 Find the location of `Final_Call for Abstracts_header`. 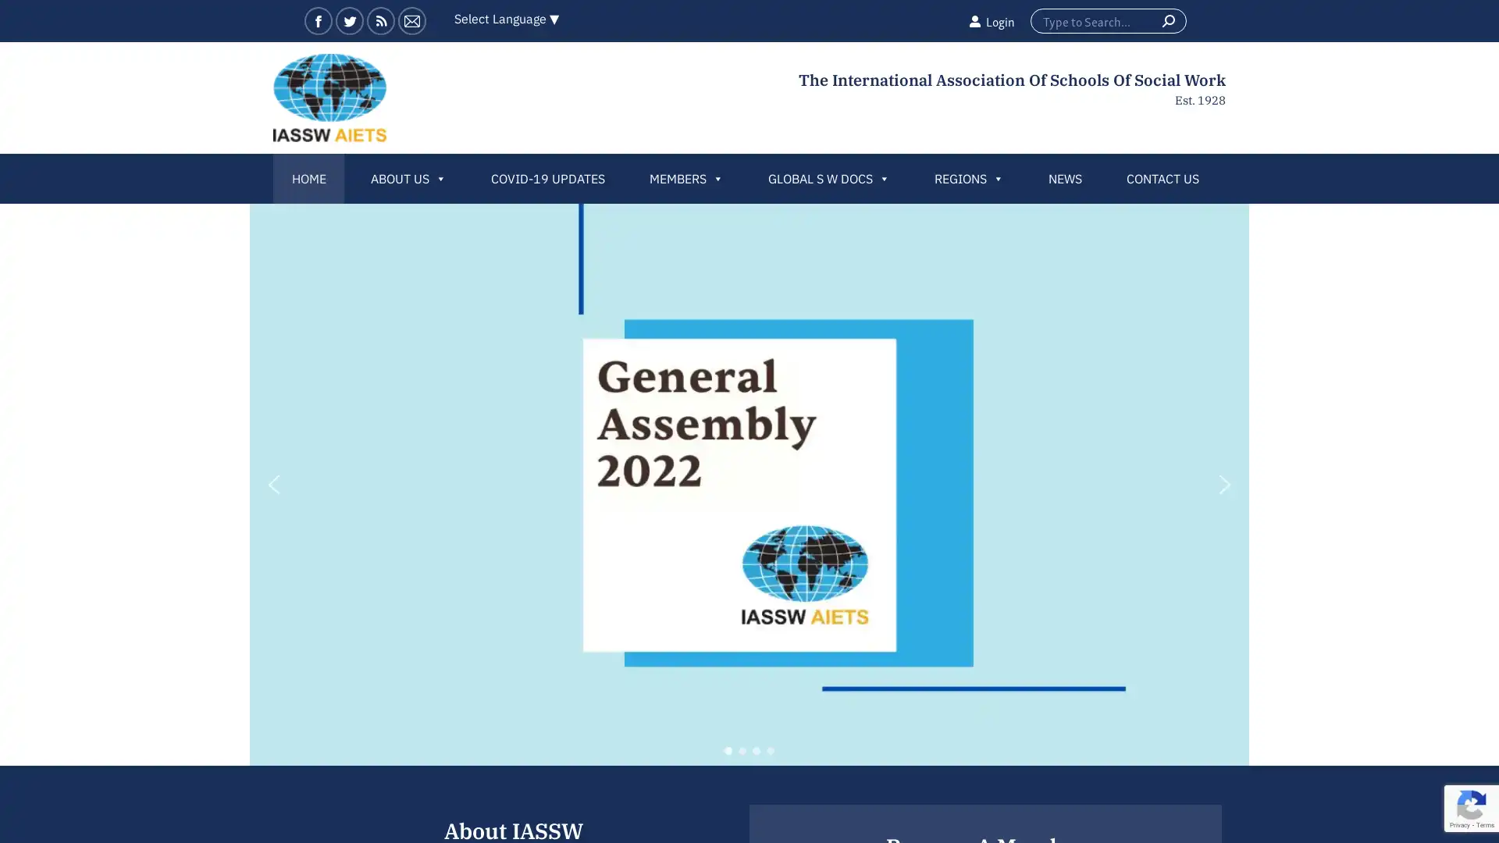

Final_Call for Abstracts_header is located at coordinates (757, 749).